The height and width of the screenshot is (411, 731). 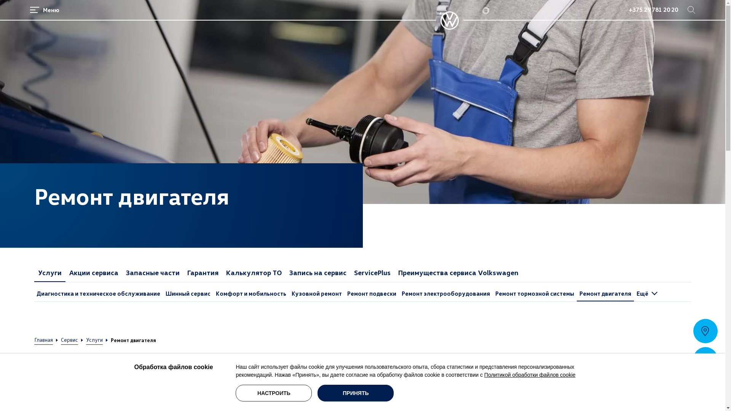 I want to click on '+375 29 781 20 20', so click(x=629, y=10).